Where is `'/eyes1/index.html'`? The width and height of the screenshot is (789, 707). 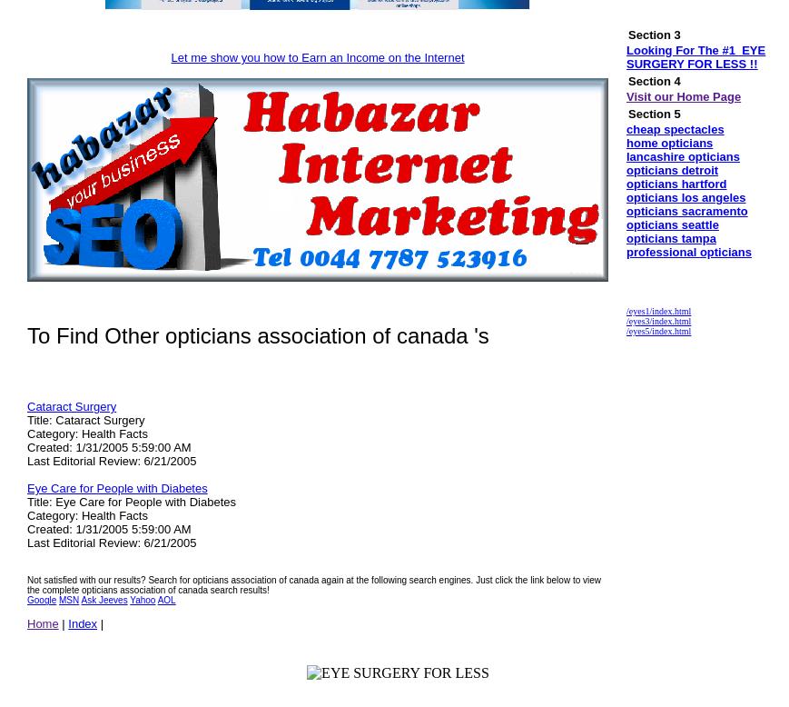 '/eyes1/index.html' is located at coordinates (658, 310).